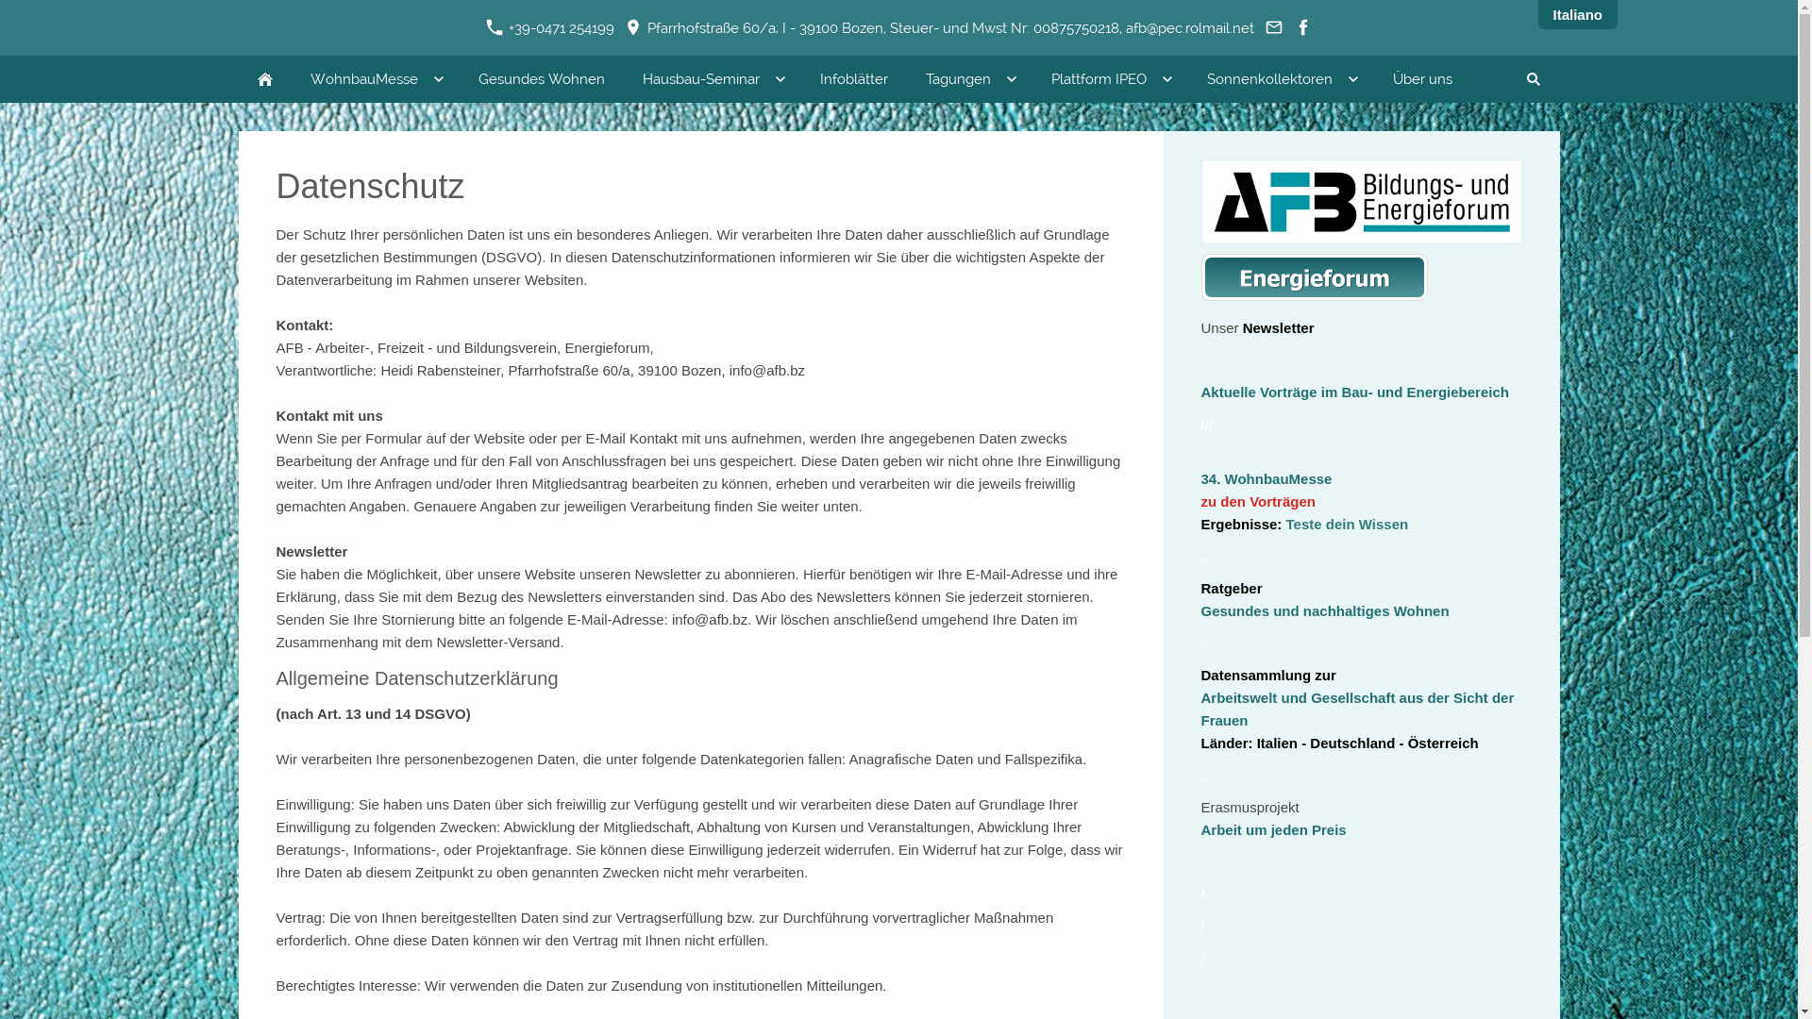 The width and height of the screenshot is (1812, 1019). Describe the element at coordinates (375, 78) in the screenshot. I see `'WohnbauMesse'` at that location.